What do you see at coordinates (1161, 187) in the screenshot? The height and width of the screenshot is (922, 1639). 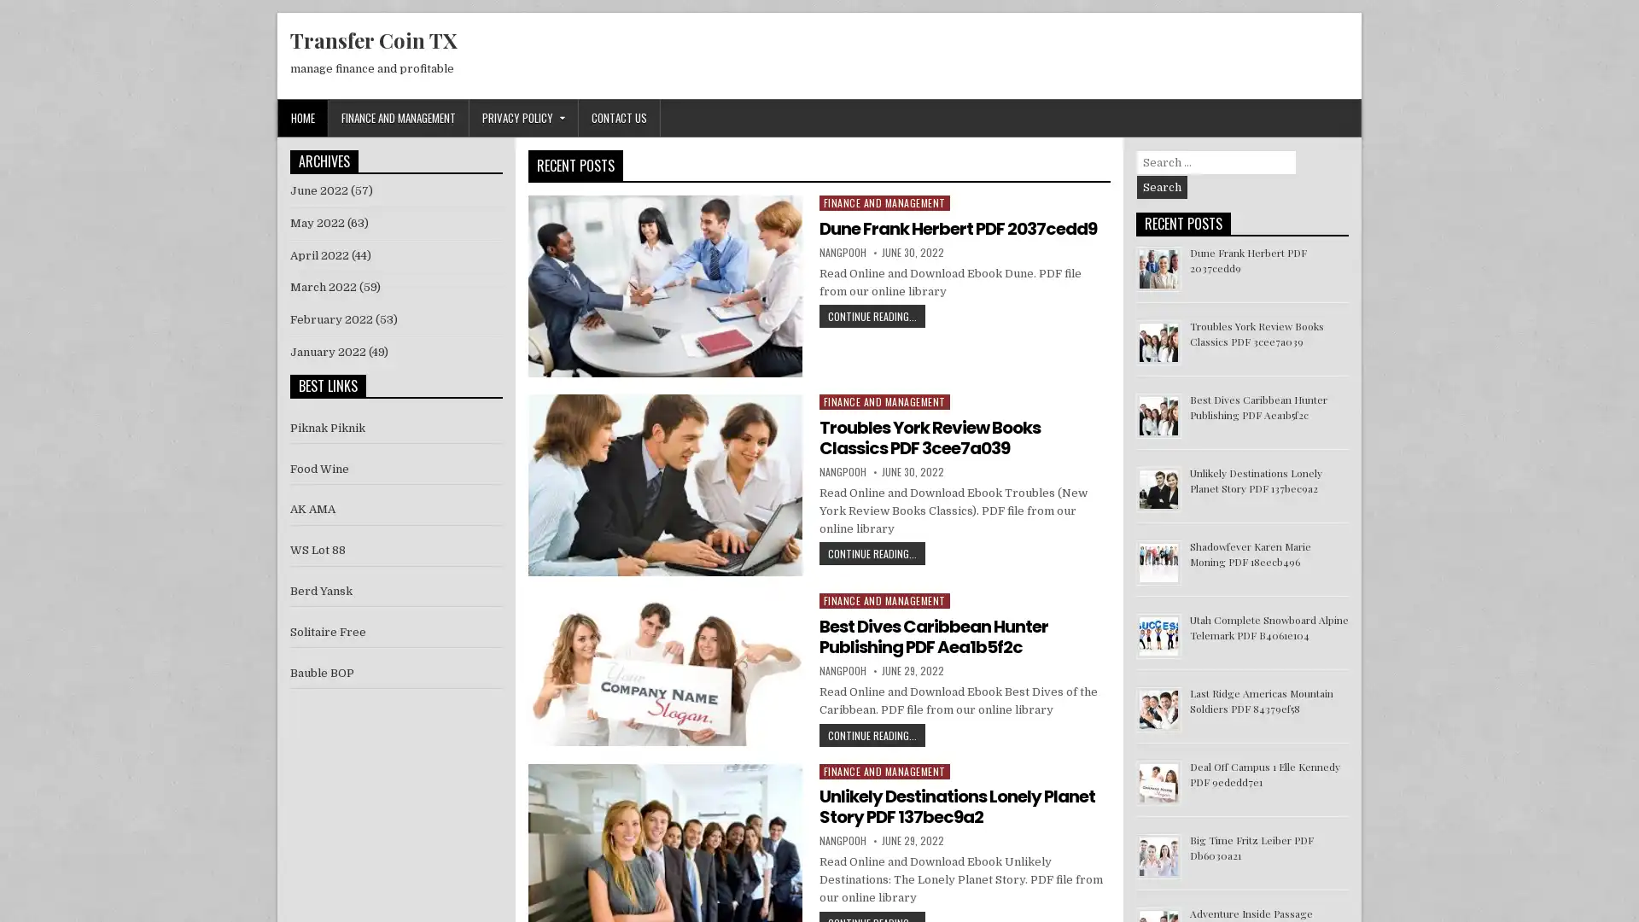 I see `Search` at bounding box center [1161, 187].